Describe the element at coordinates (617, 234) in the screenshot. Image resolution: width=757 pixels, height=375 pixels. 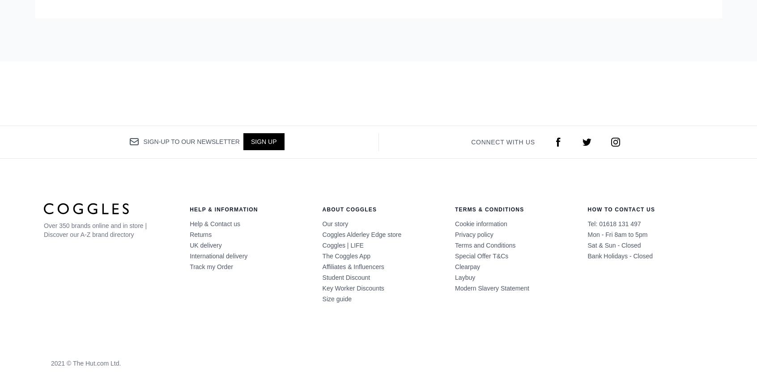
I see `'Mon - Fri 8am to 5pm'` at that location.